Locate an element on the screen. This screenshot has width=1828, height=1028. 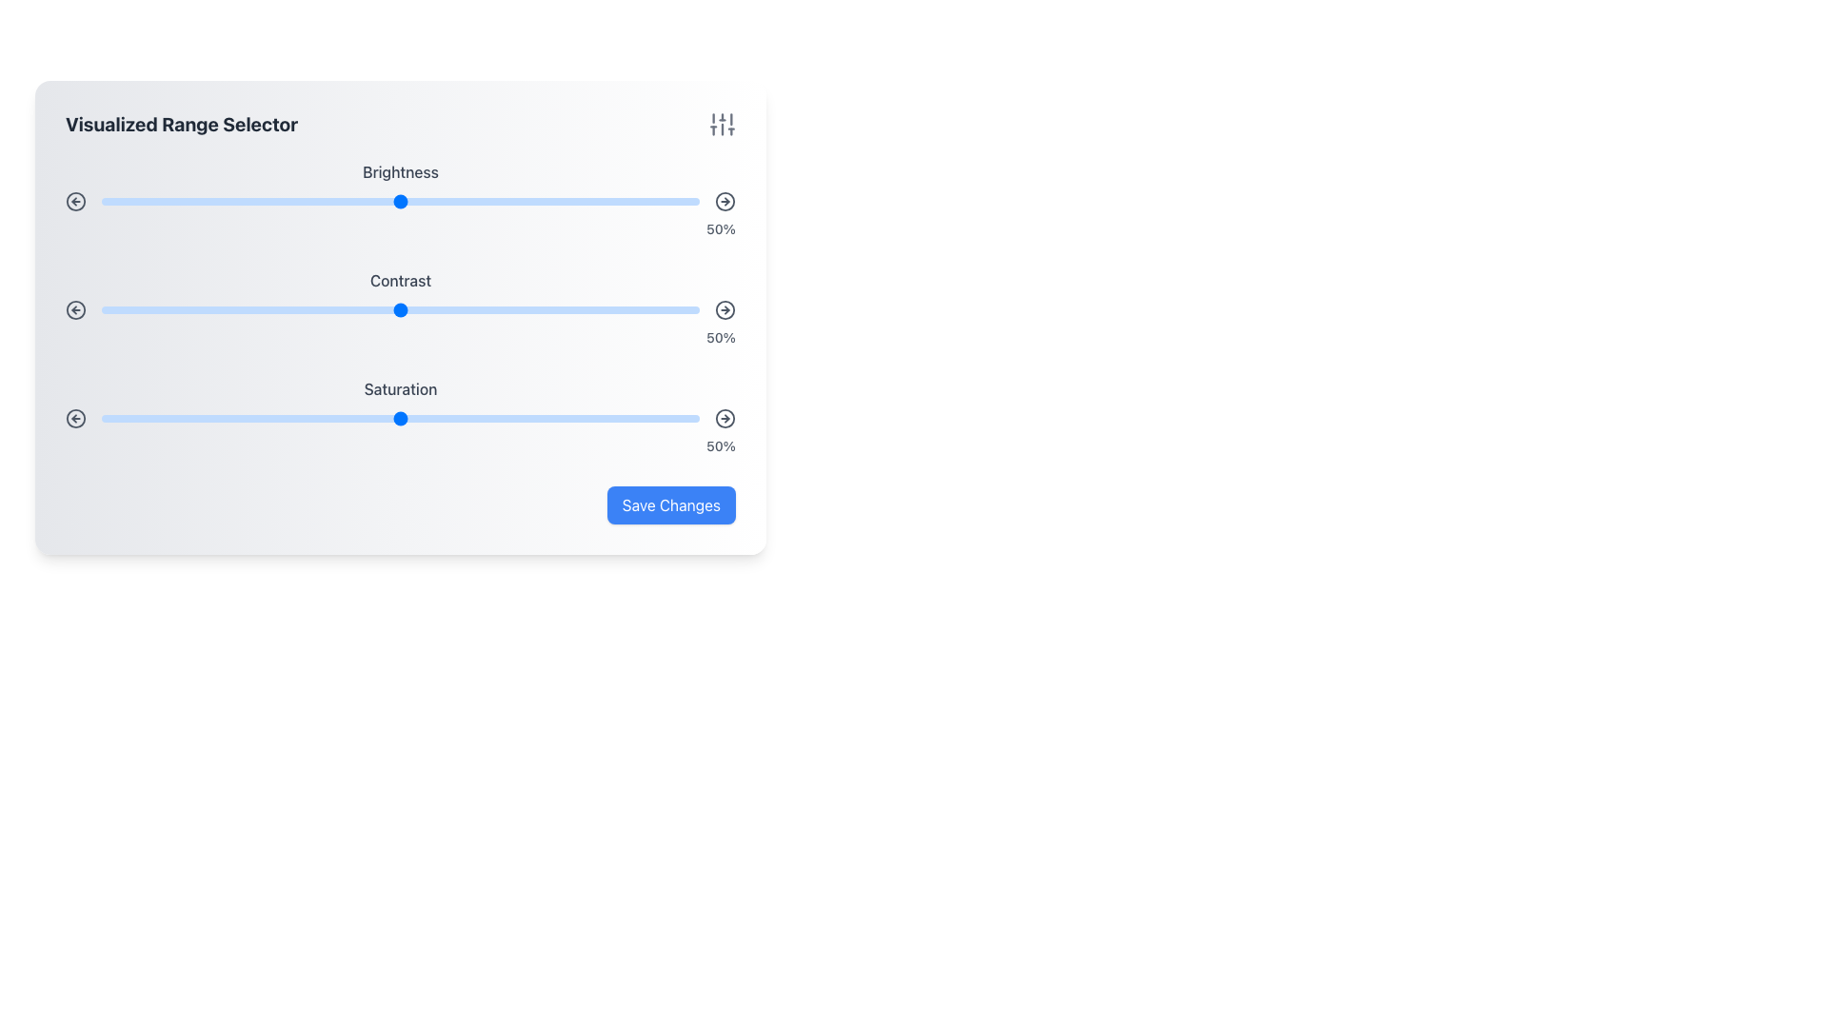
the value of the contrast slider is located at coordinates (507, 309).